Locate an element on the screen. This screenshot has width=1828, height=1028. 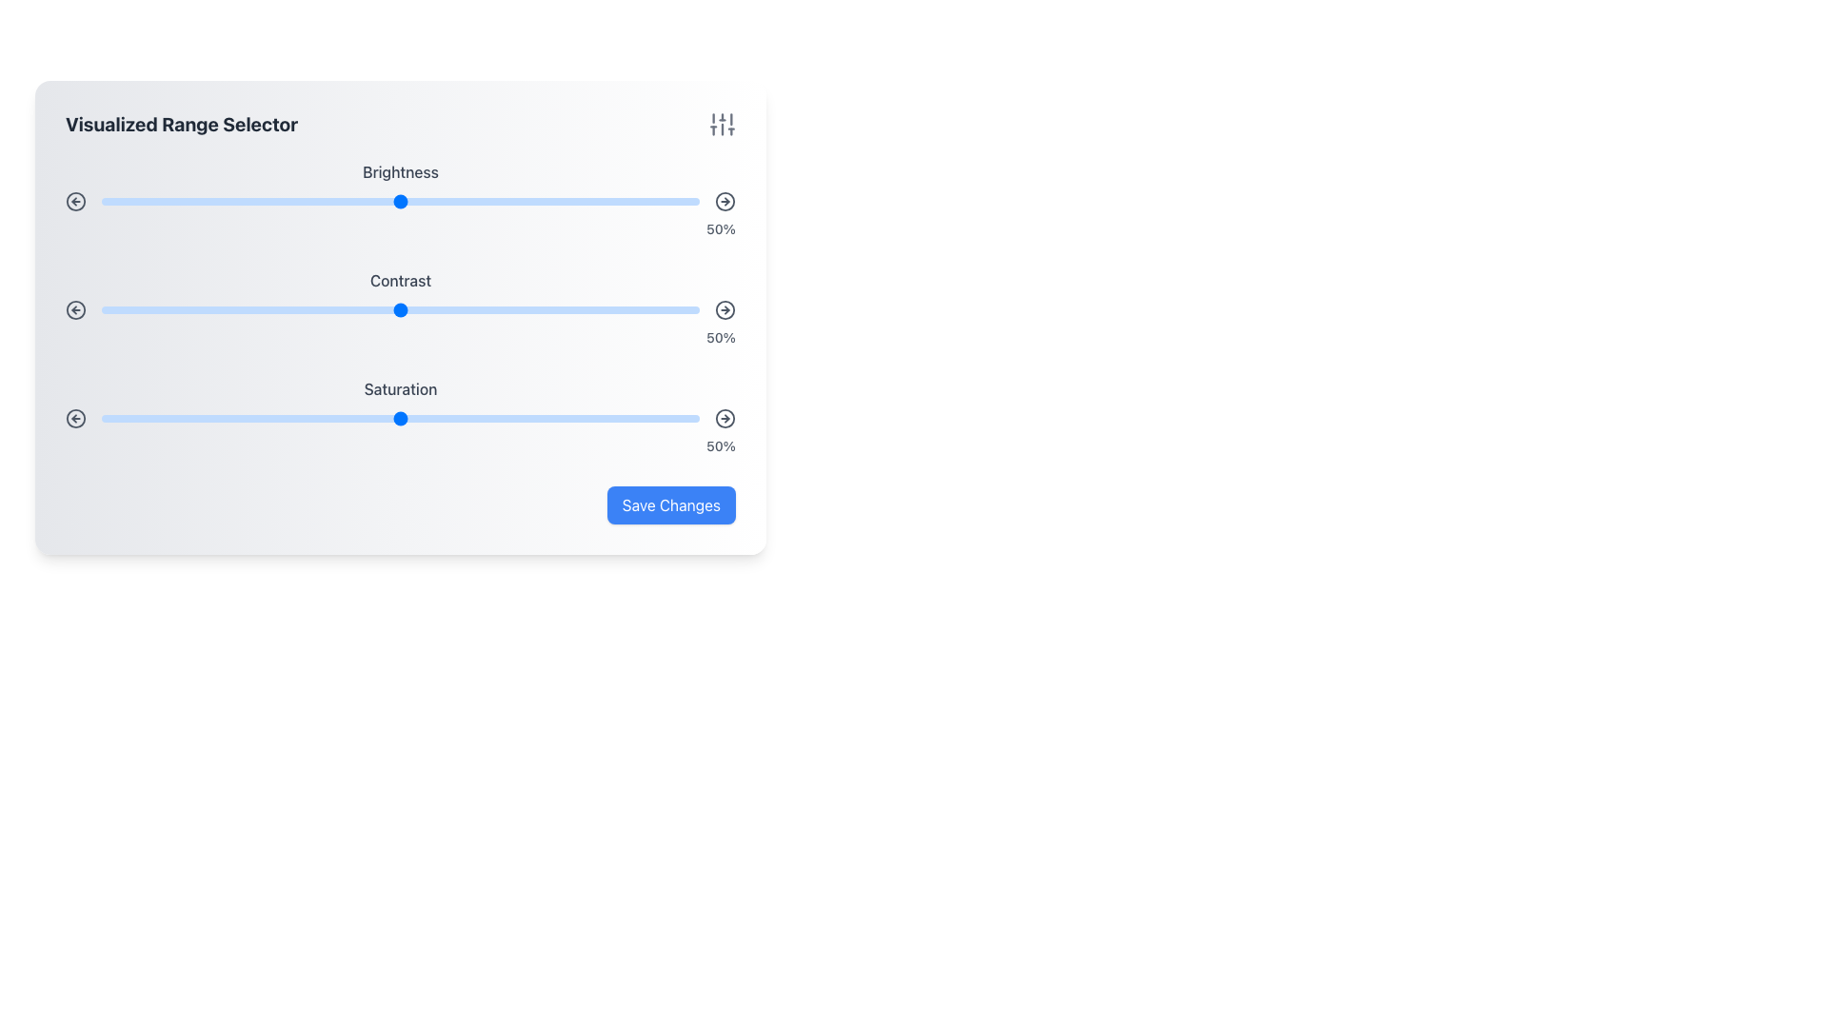
the value of the contrast slider is located at coordinates (507, 309).